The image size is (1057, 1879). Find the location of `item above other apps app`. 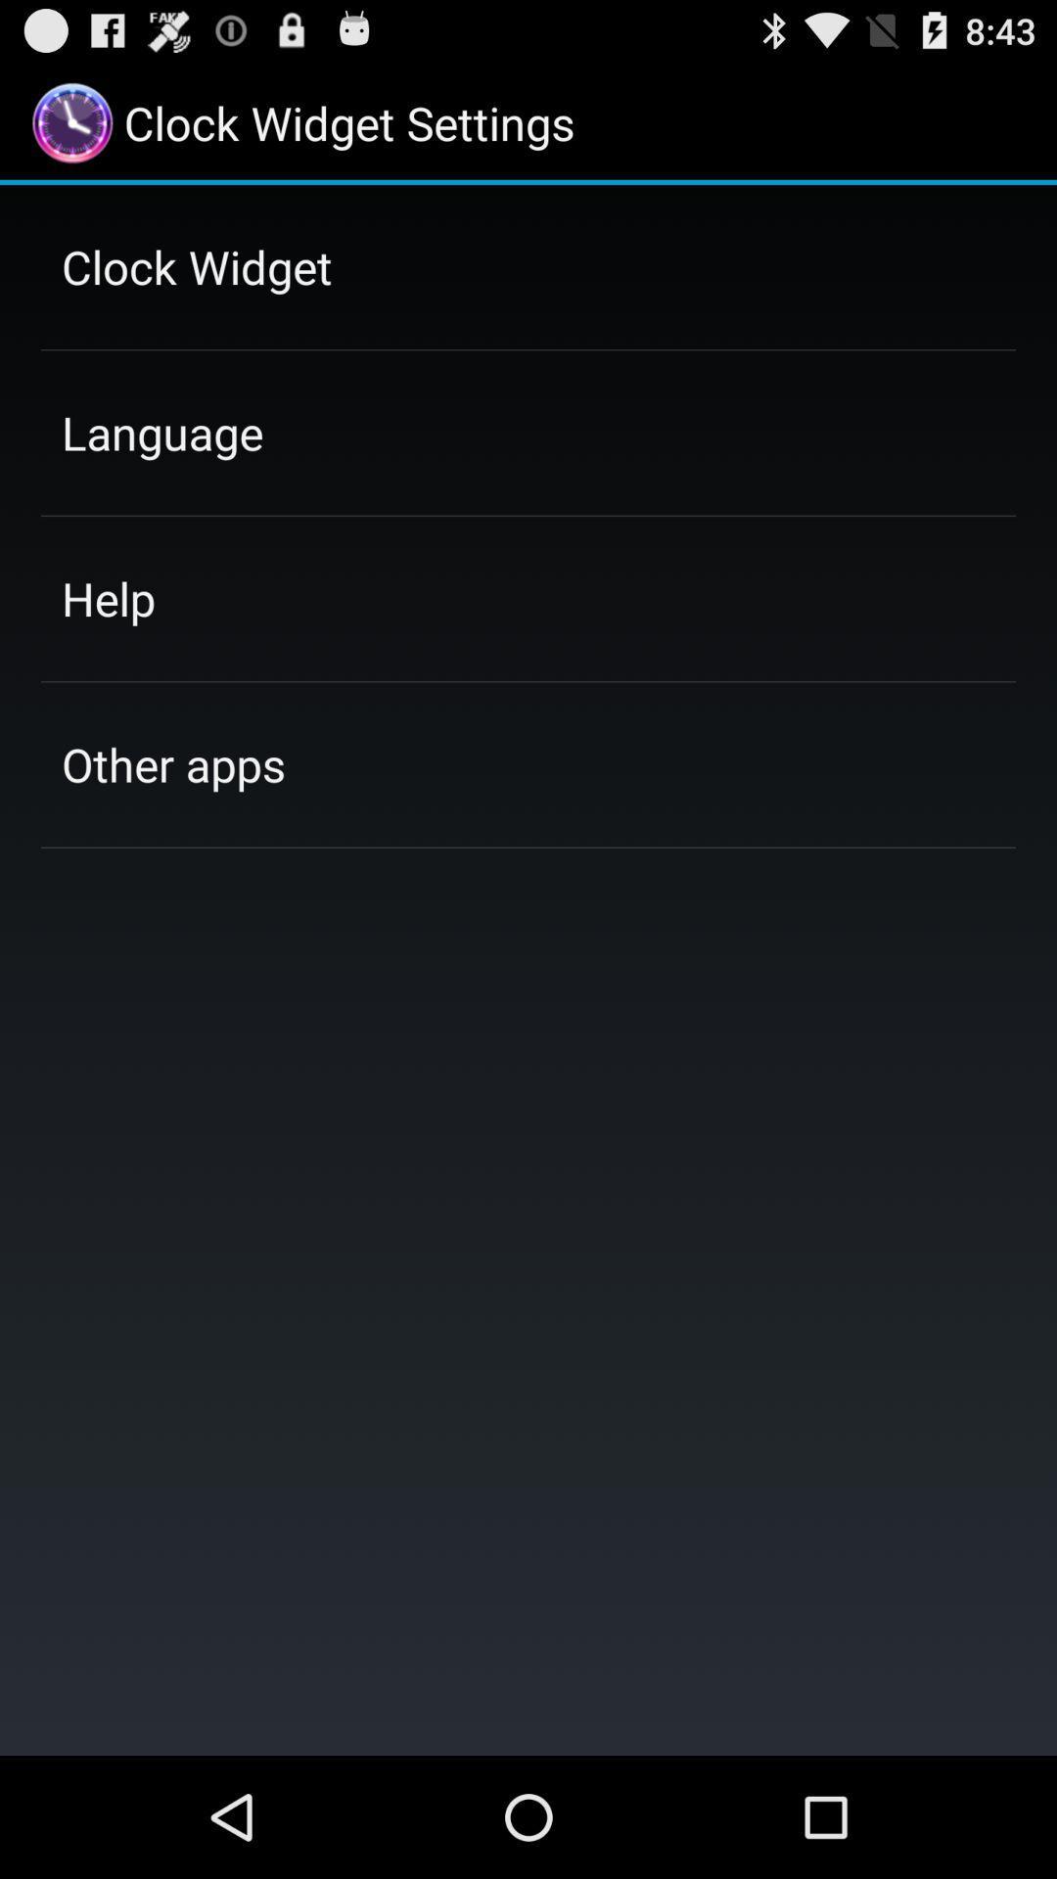

item above other apps app is located at coordinates (109, 597).